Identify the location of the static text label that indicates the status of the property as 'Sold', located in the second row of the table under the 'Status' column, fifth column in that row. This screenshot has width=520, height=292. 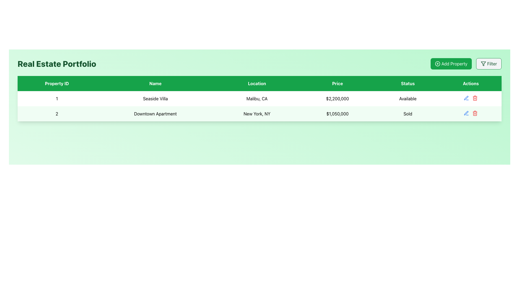
(408, 113).